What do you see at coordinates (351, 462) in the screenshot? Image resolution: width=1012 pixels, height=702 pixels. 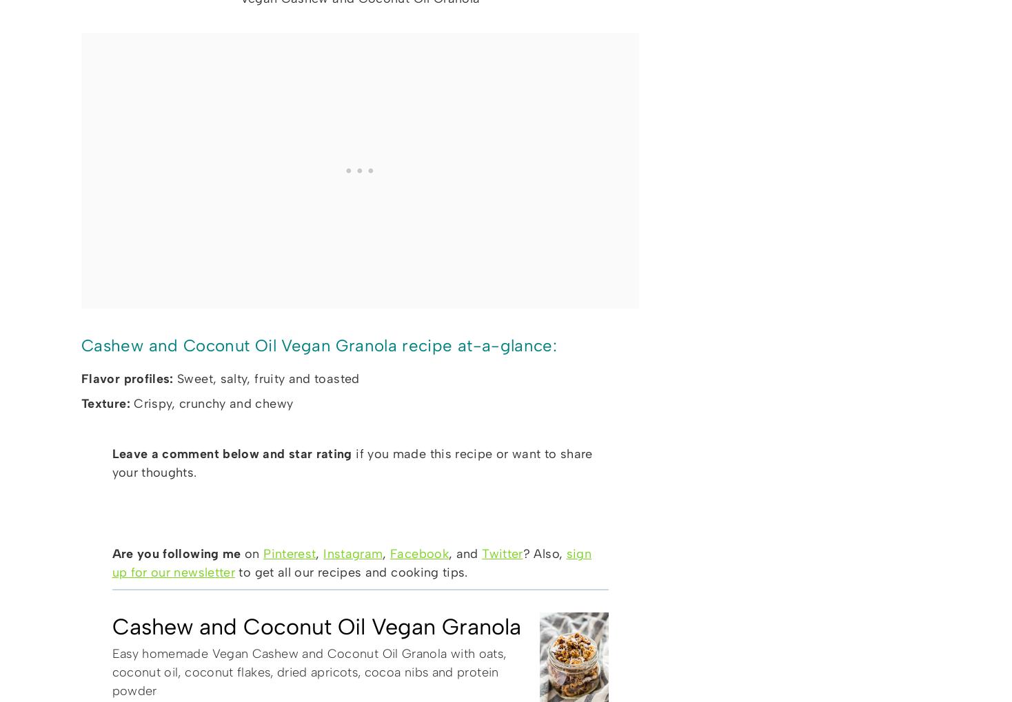 I see `'if you made this recipe or want to share your thoughts.'` at bounding box center [351, 462].